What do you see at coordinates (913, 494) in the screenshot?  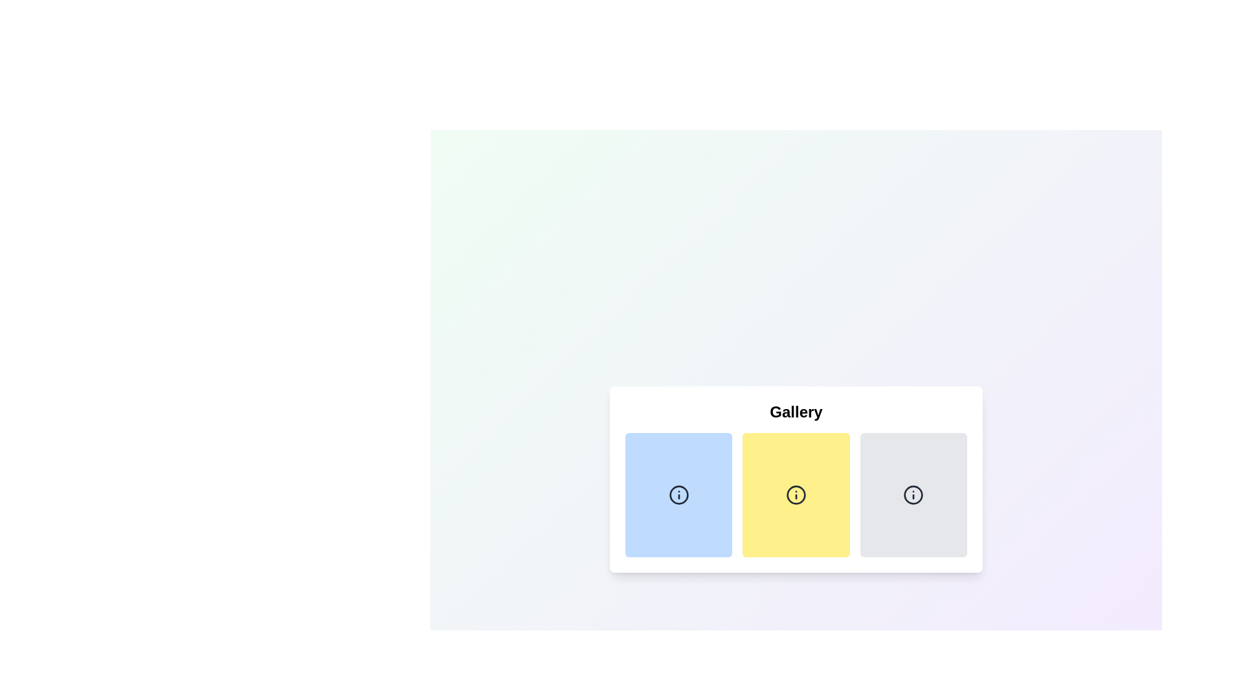 I see `the circular icon with an encircled letter 'i' in a light gray rounded rectangle to trigger a tooltip or highlight` at bounding box center [913, 494].